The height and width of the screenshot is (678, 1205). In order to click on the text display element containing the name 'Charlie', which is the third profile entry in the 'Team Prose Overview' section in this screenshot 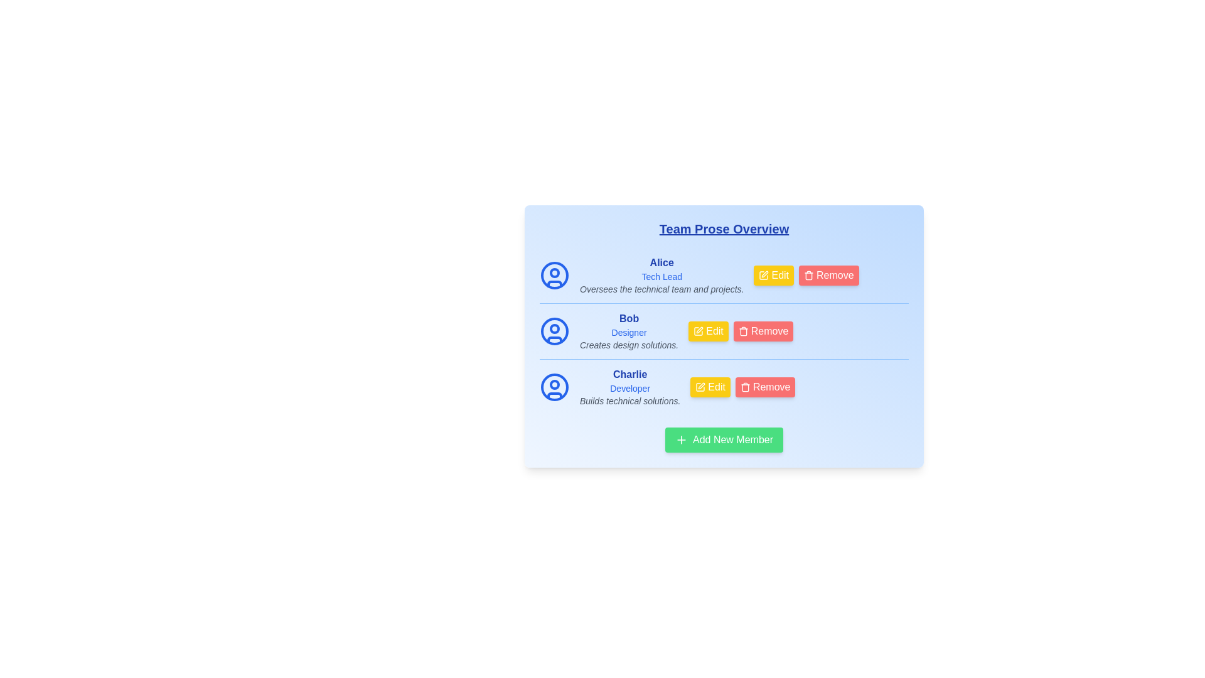, I will do `click(630, 387)`.